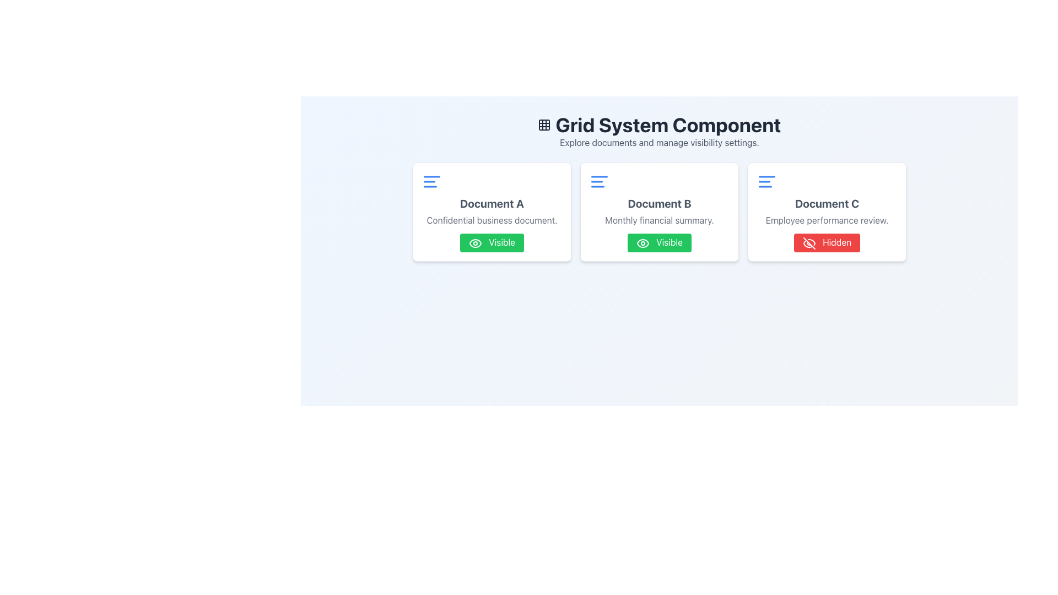  I want to click on the Text Label displaying the heading 'Grid System Component', which is centered at the top of the section in bold, large, dark gray typography, so click(659, 125).